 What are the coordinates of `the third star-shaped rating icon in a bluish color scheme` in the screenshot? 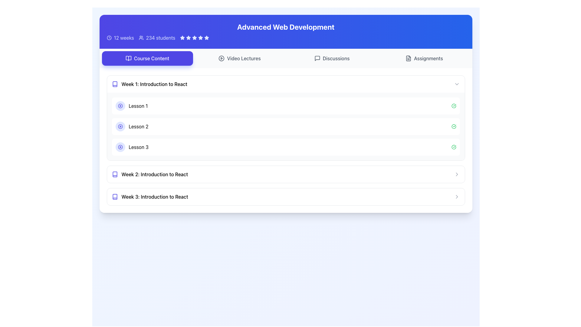 It's located at (188, 38).